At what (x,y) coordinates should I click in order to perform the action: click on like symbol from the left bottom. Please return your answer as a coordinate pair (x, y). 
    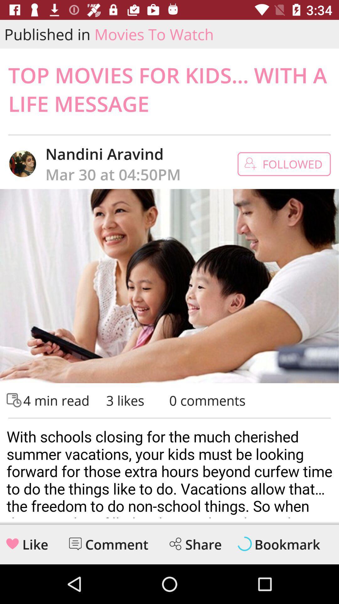
    Looking at the image, I should click on (12, 543).